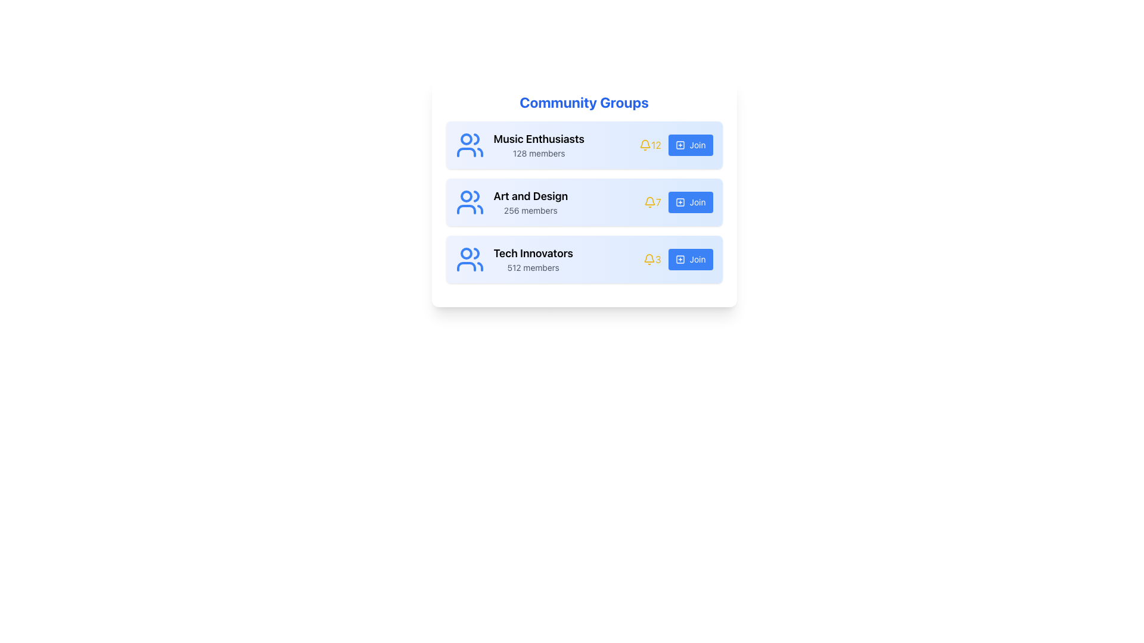 The width and height of the screenshot is (1144, 643). I want to click on the 'Join Tech Innovators' button located, so click(691, 258).